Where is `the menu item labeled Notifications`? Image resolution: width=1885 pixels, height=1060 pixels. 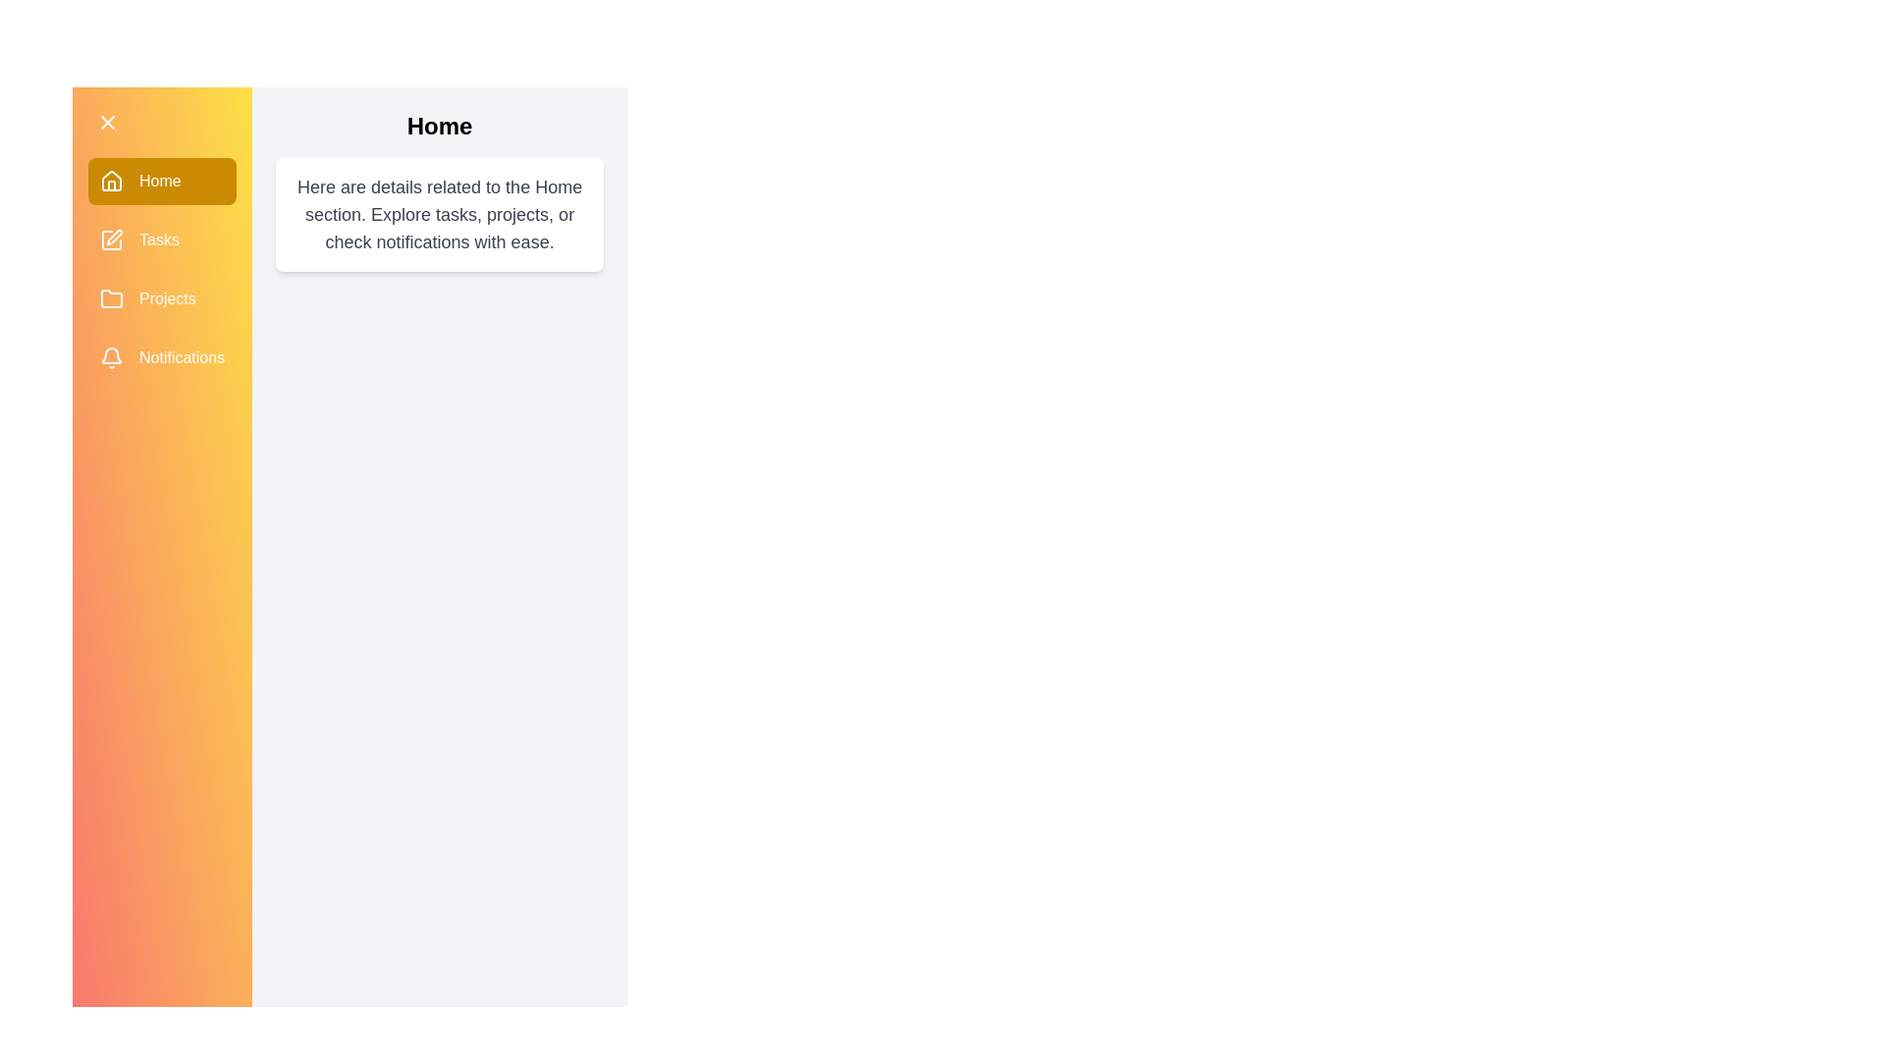
the menu item labeled Notifications is located at coordinates (161, 358).